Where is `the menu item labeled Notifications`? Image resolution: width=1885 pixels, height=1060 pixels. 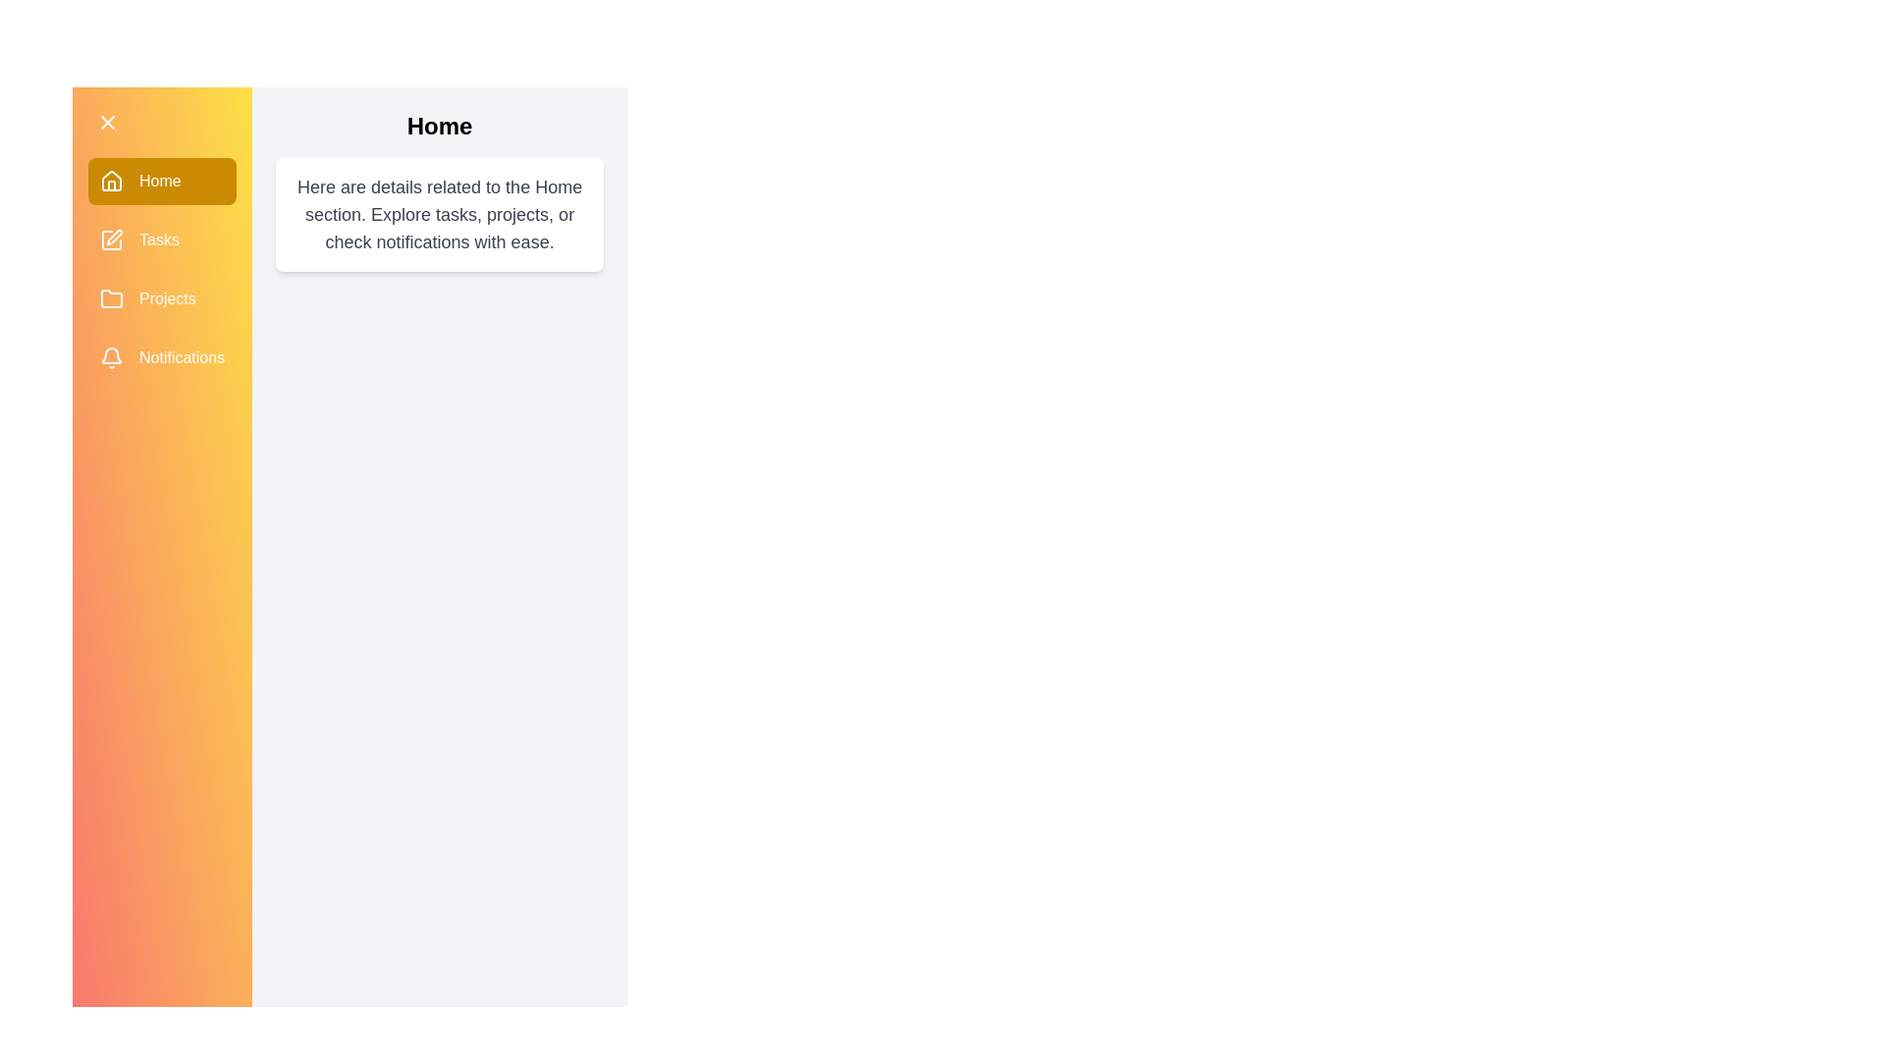
the menu item labeled Notifications is located at coordinates (161, 358).